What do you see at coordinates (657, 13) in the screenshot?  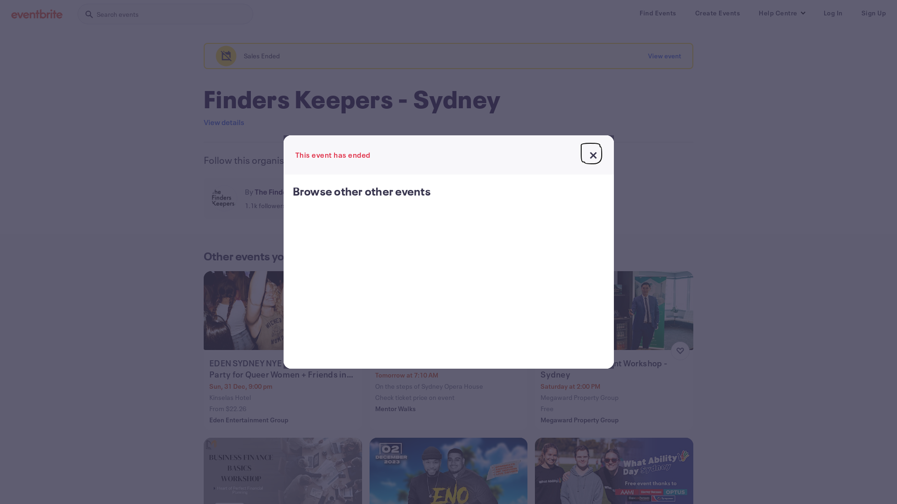 I see `'Find Events'` at bounding box center [657, 13].